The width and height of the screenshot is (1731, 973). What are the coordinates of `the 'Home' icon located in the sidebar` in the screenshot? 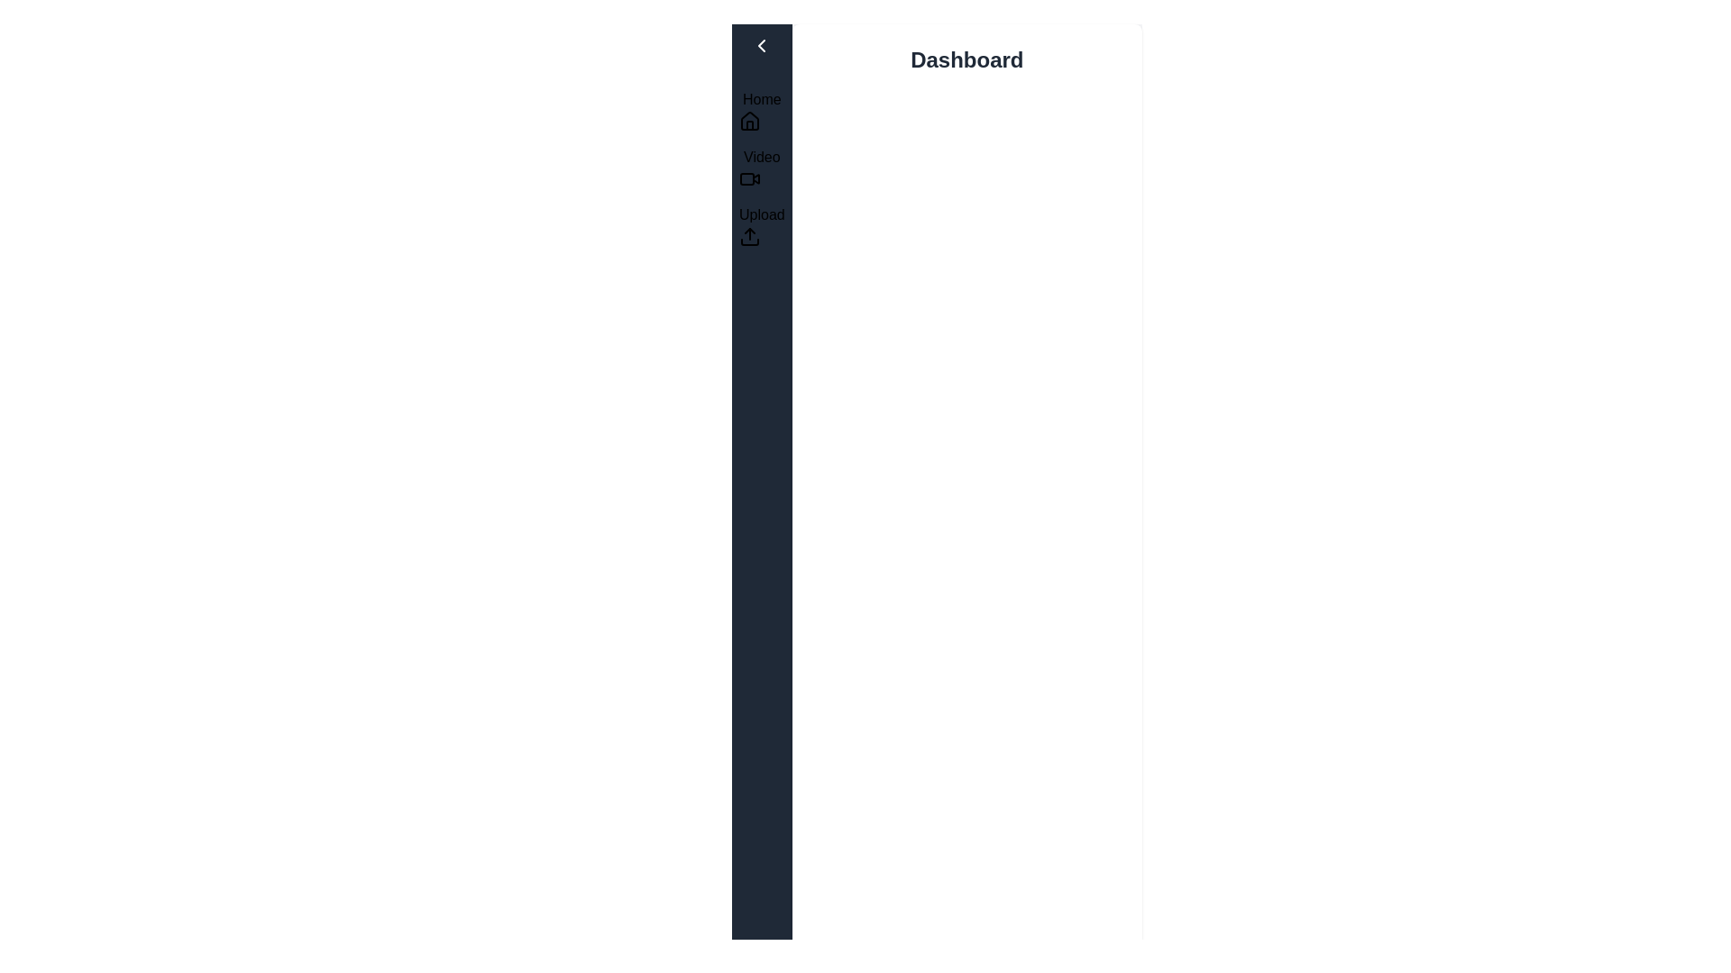 It's located at (749, 122).